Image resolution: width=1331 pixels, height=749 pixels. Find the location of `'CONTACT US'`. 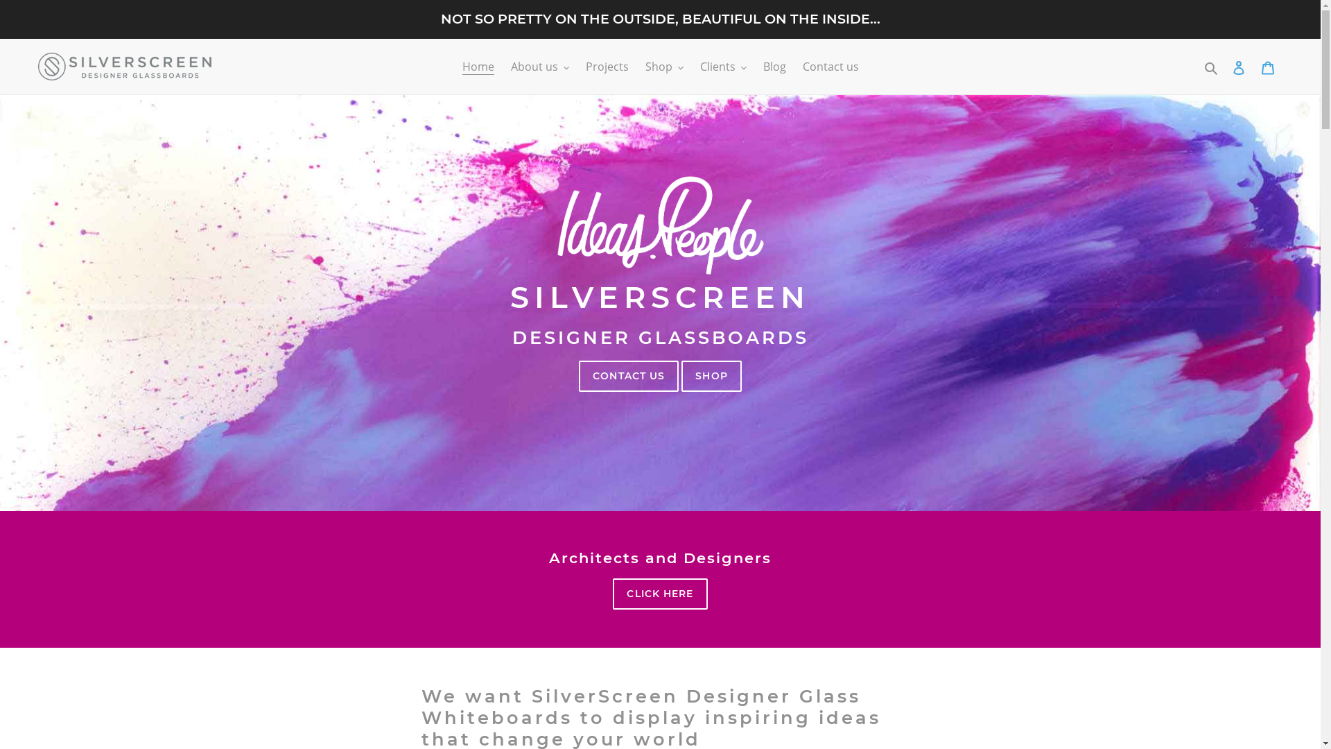

'CONTACT US' is located at coordinates (579, 376).